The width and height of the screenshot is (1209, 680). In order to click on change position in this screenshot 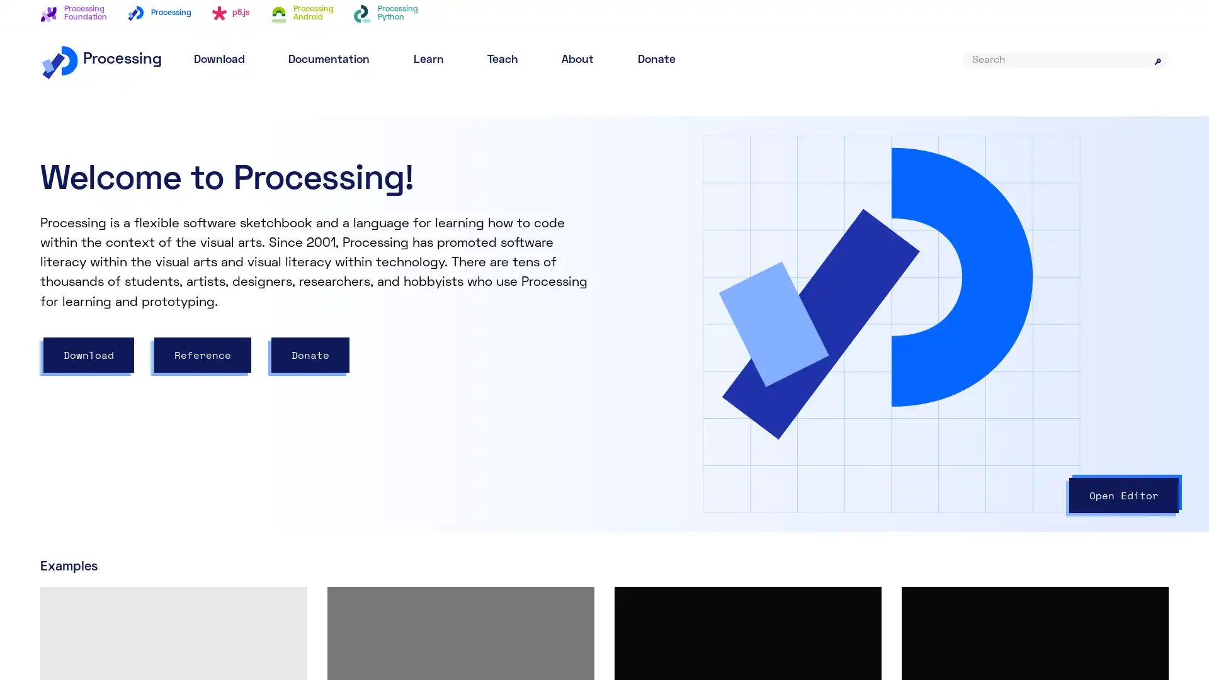, I will do `click(734, 373)`.